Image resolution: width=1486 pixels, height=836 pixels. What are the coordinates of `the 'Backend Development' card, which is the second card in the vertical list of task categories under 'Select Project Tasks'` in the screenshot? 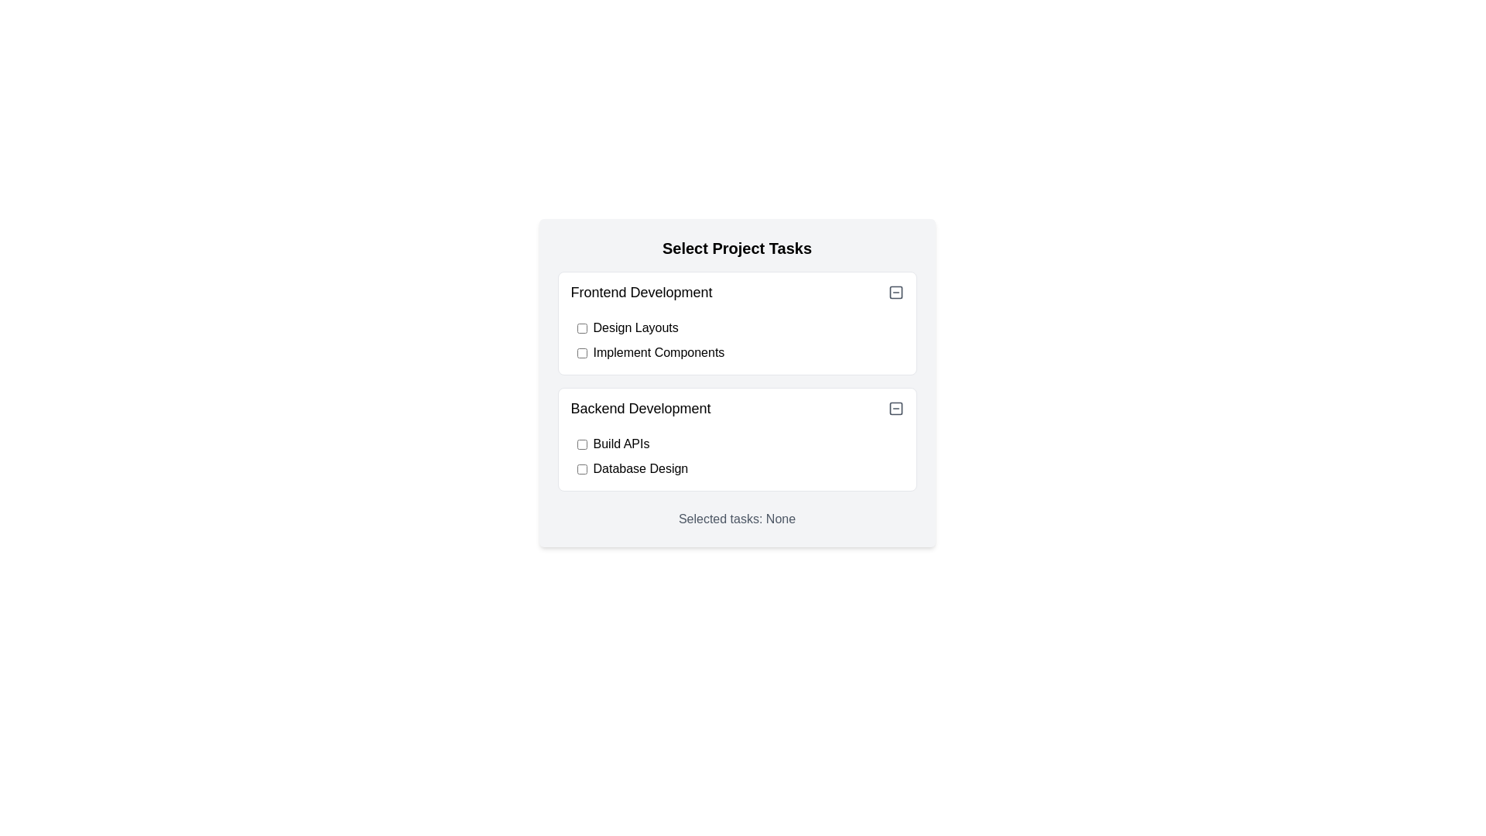 It's located at (736, 439).